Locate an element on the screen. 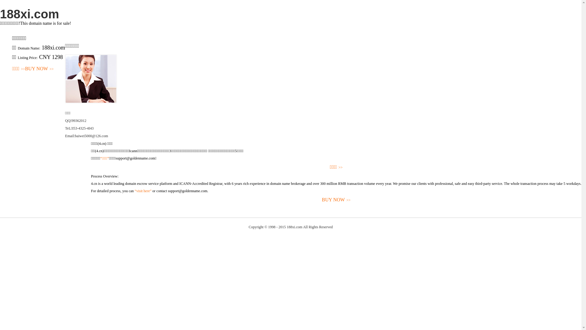 This screenshot has width=586, height=330. 'BUY NOW>>' is located at coordinates (336, 200).